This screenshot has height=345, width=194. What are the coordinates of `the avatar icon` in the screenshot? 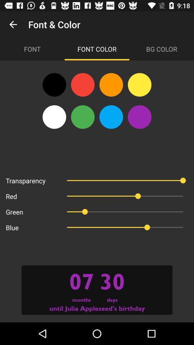 It's located at (82, 117).